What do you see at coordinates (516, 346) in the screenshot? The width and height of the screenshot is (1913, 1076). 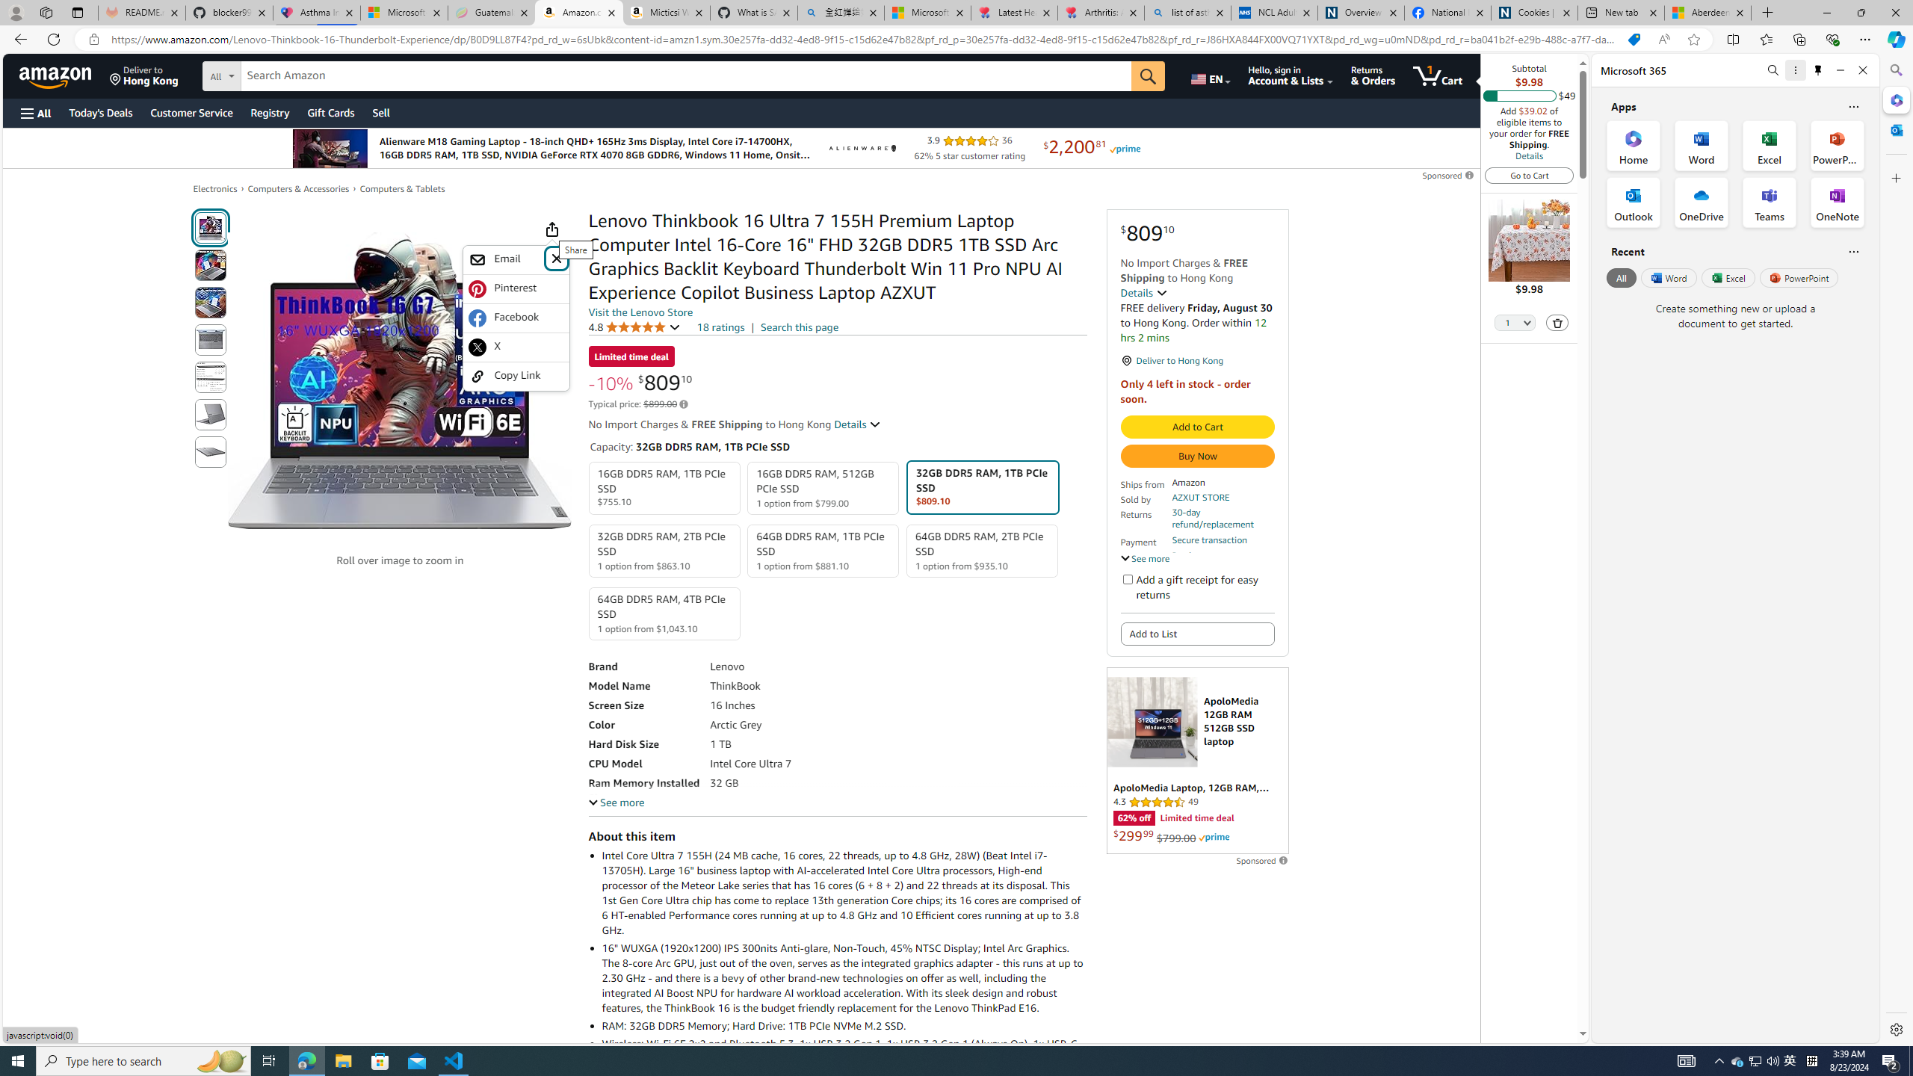 I see `'X'` at bounding box center [516, 346].